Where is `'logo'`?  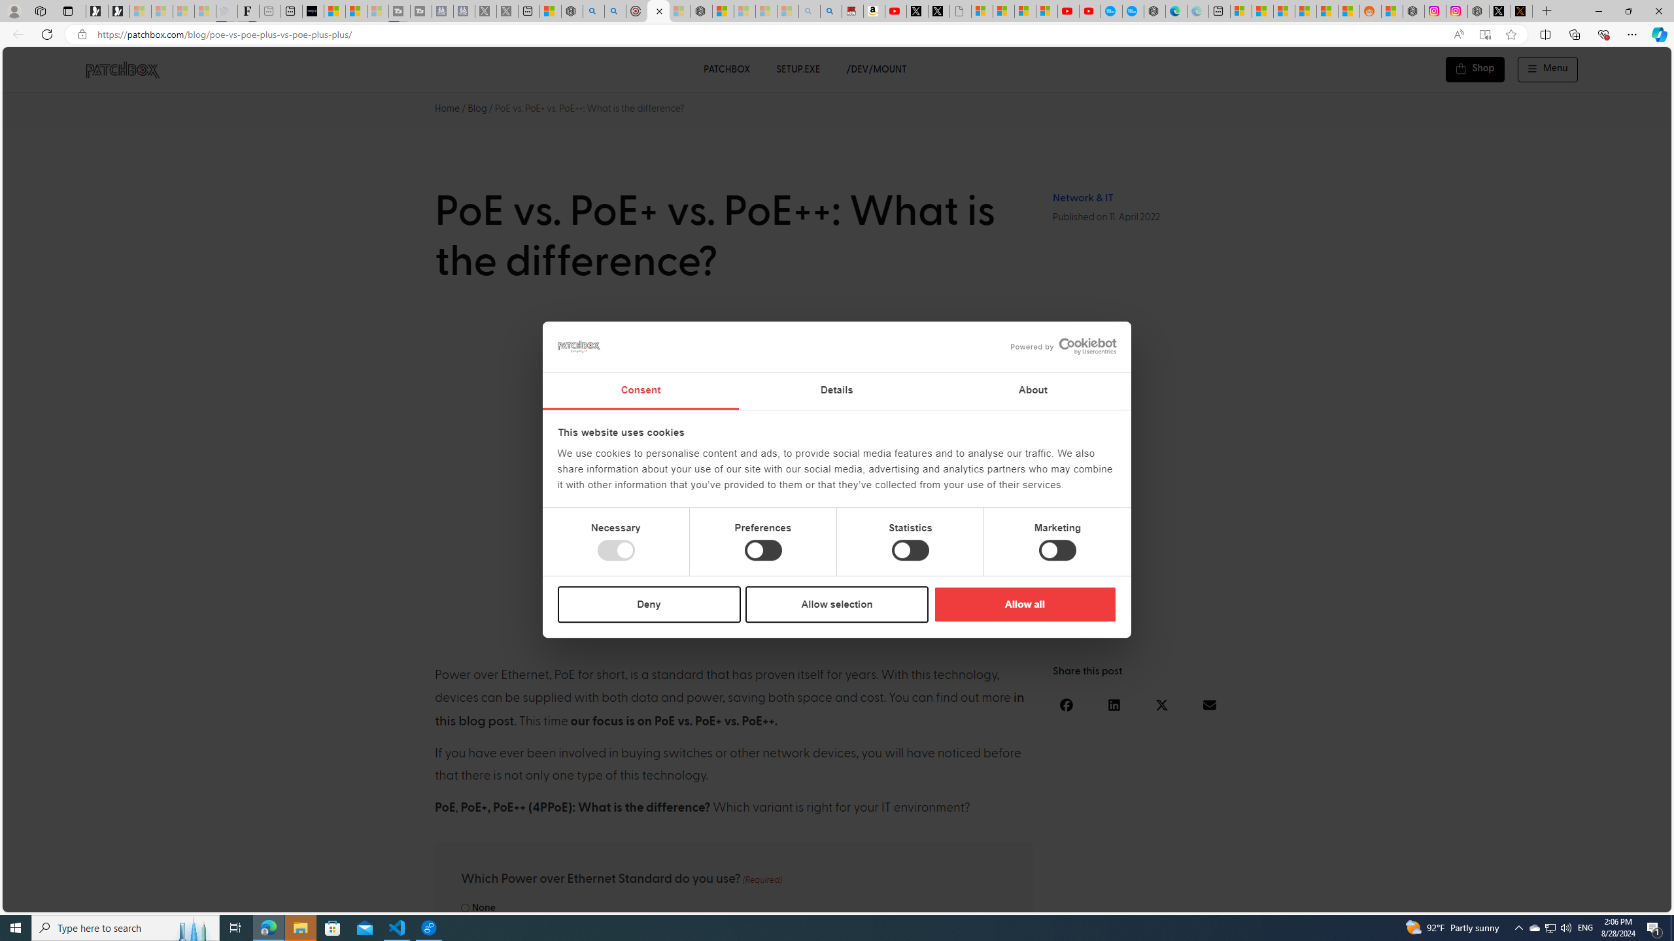
'logo' is located at coordinates (578, 346).